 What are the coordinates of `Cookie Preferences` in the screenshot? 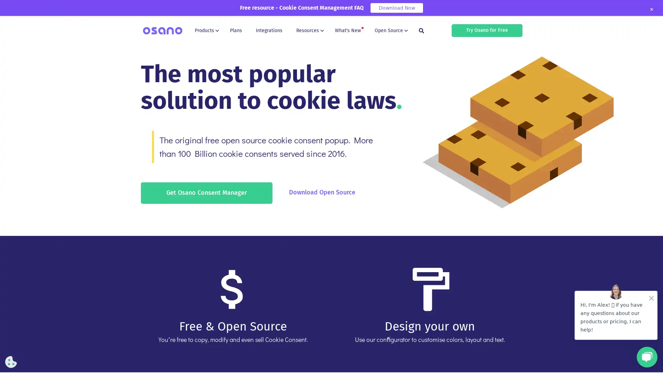 It's located at (11, 362).